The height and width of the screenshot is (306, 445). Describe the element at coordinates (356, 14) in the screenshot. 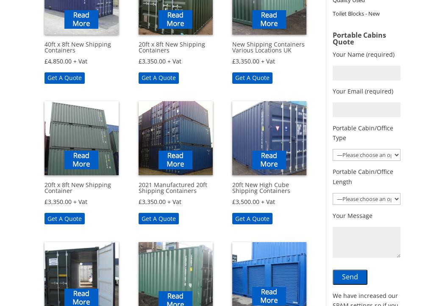

I see `'Toilet Blocks - New'` at that location.